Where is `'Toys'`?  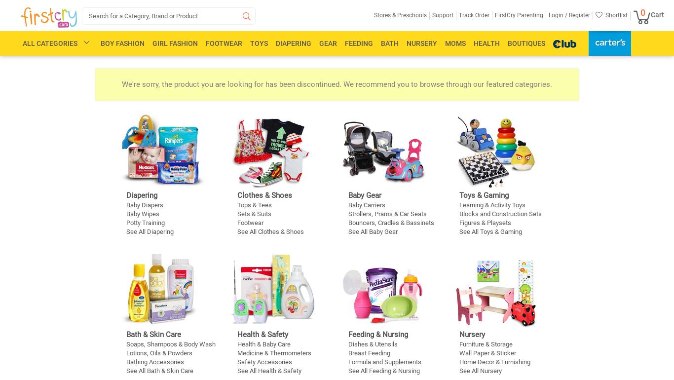
'Toys' is located at coordinates (250, 43).